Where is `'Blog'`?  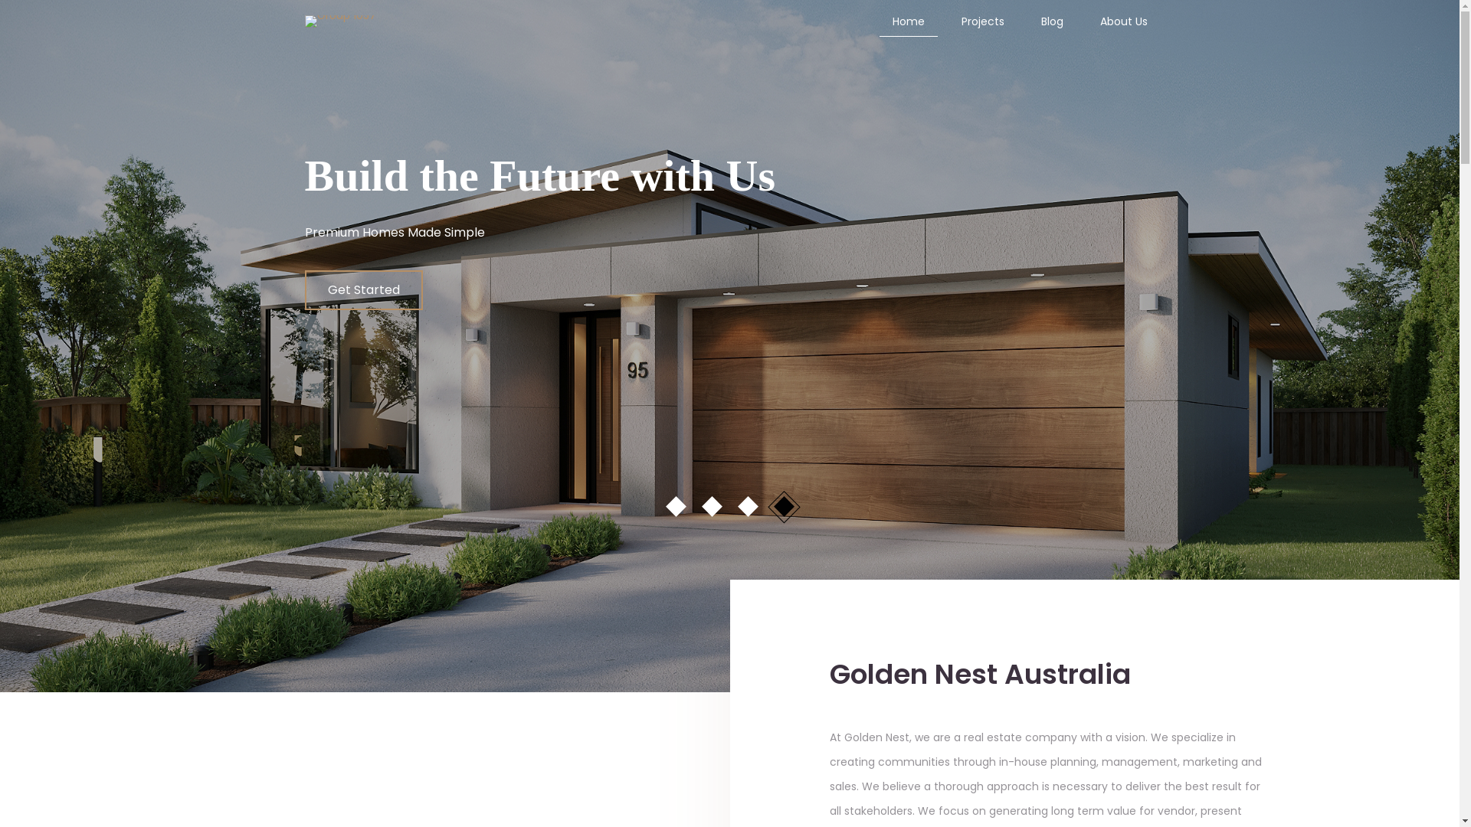 'Blog' is located at coordinates (1050, 21).